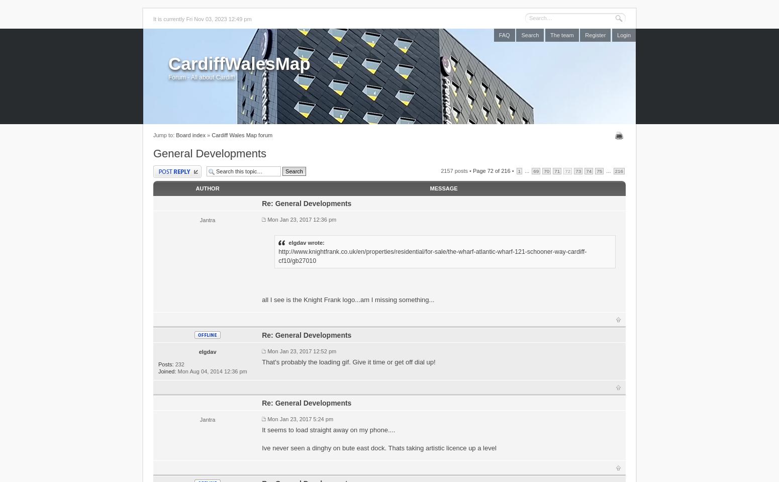 The height and width of the screenshot is (482, 779). What do you see at coordinates (544, 170) in the screenshot?
I see `'70'` at bounding box center [544, 170].